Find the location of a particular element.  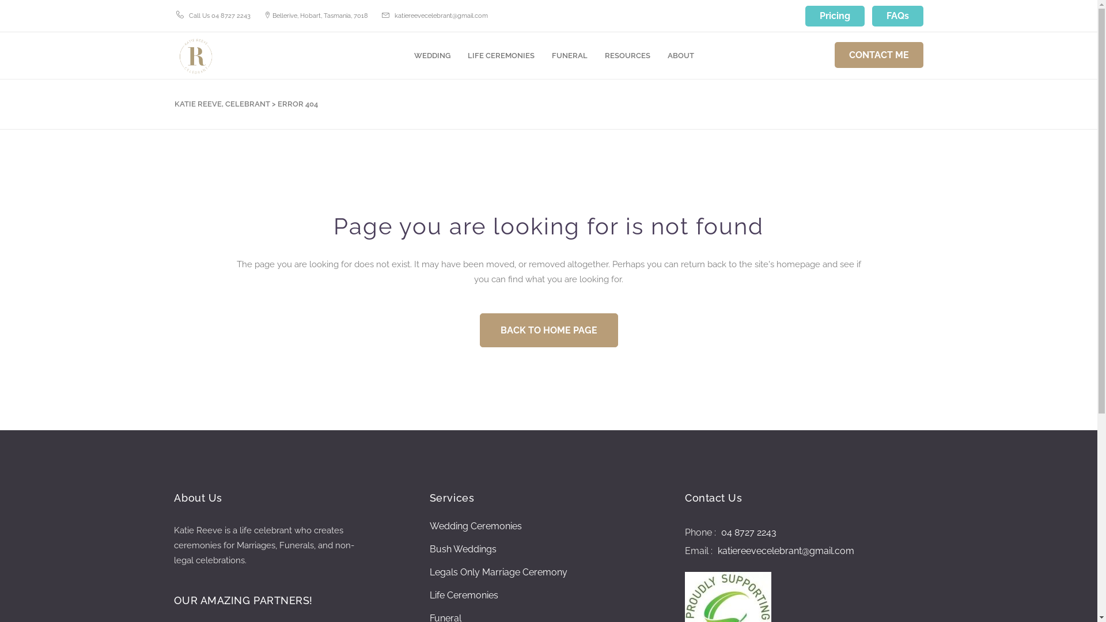

'Bush Weddings' is located at coordinates (463, 548).